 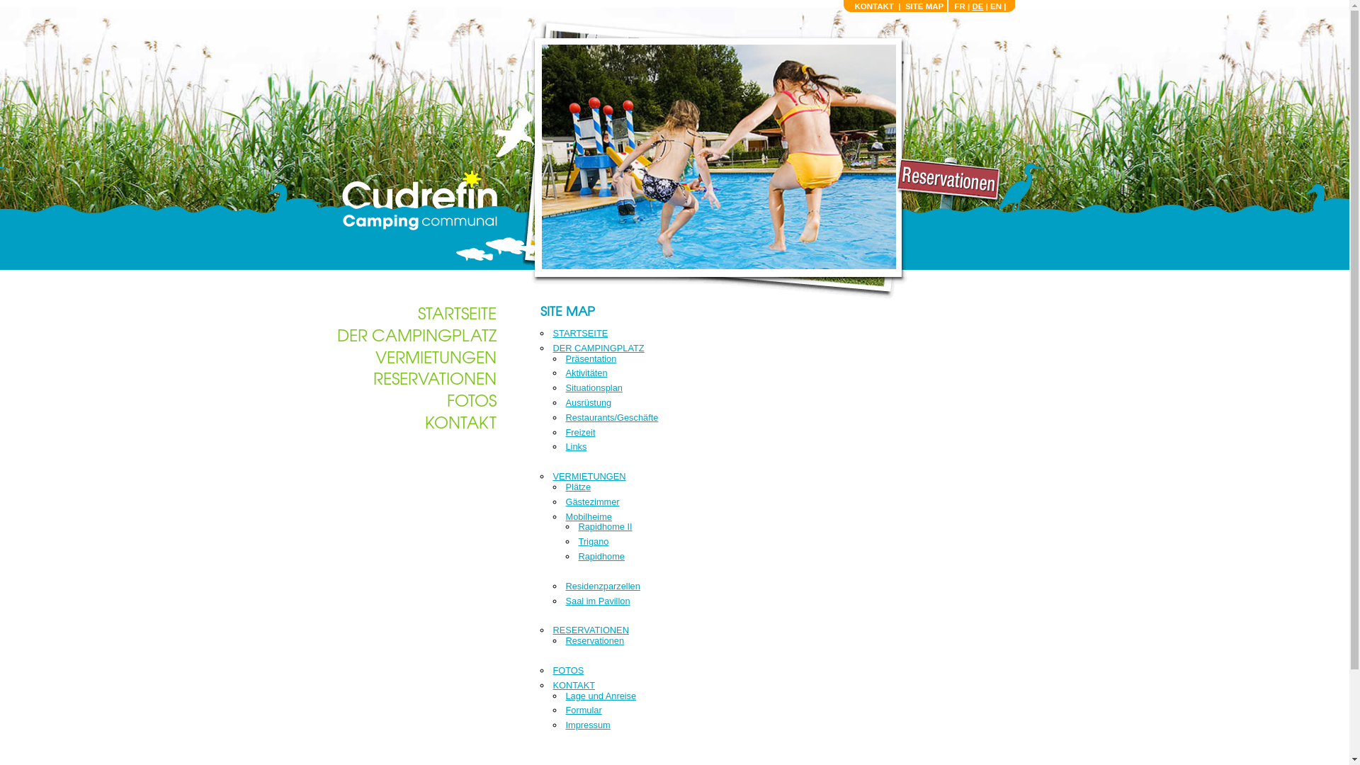 What do you see at coordinates (551, 684) in the screenshot?
I see `'KONTAKT'` at bounding box center [551, 684].